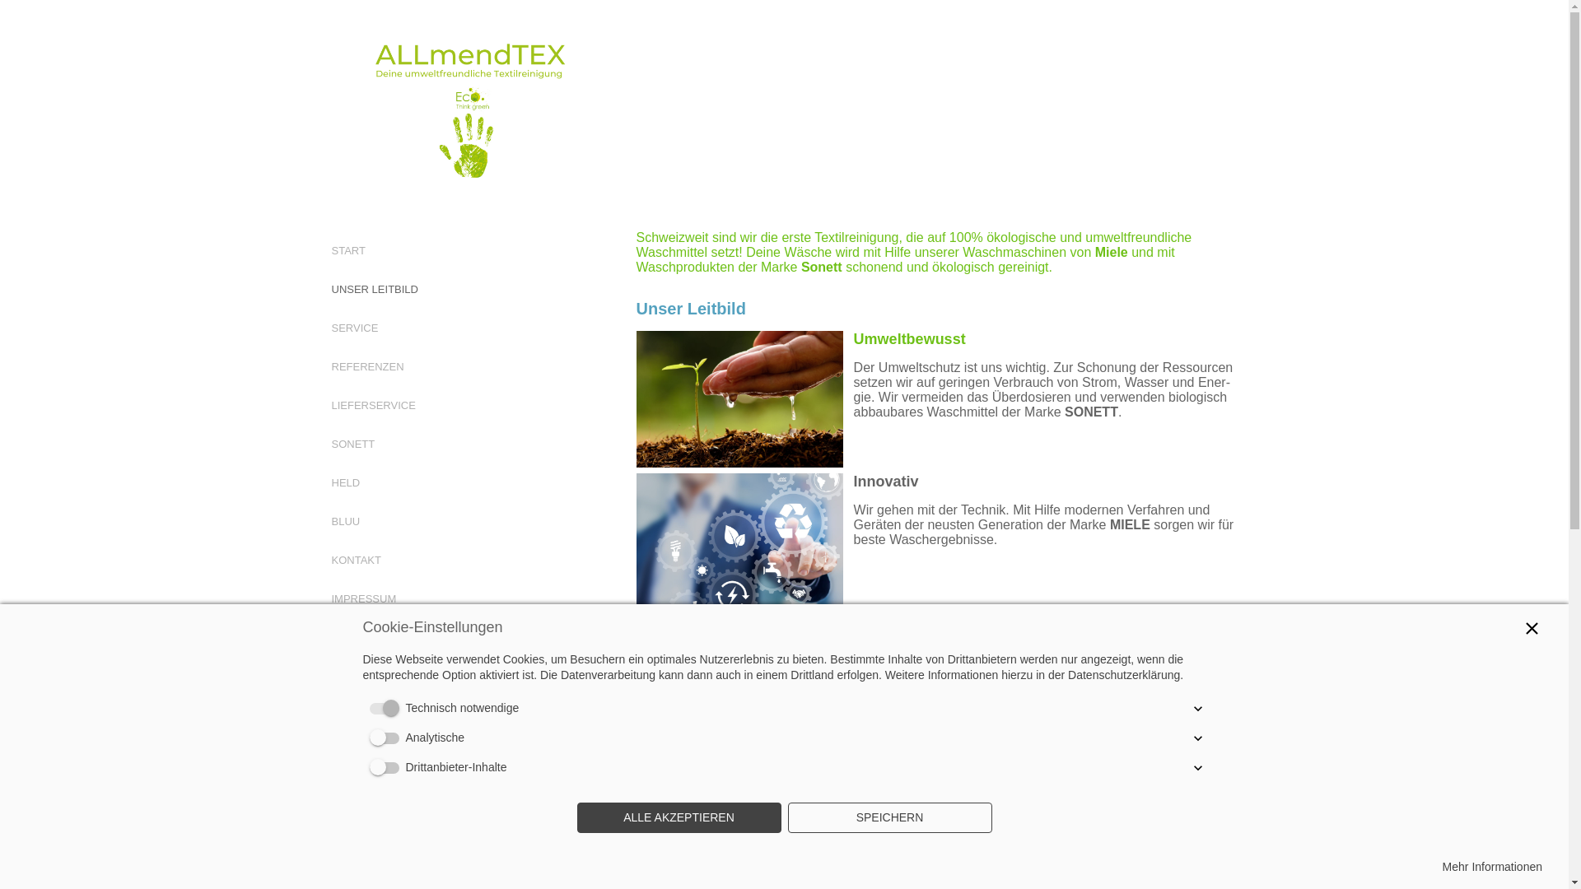 This screenshot has width=1581, height=889. What do you see at coordinates (822, 266) in the screenshot?
I see `'Sonett'` at bounding box center [822, 266].